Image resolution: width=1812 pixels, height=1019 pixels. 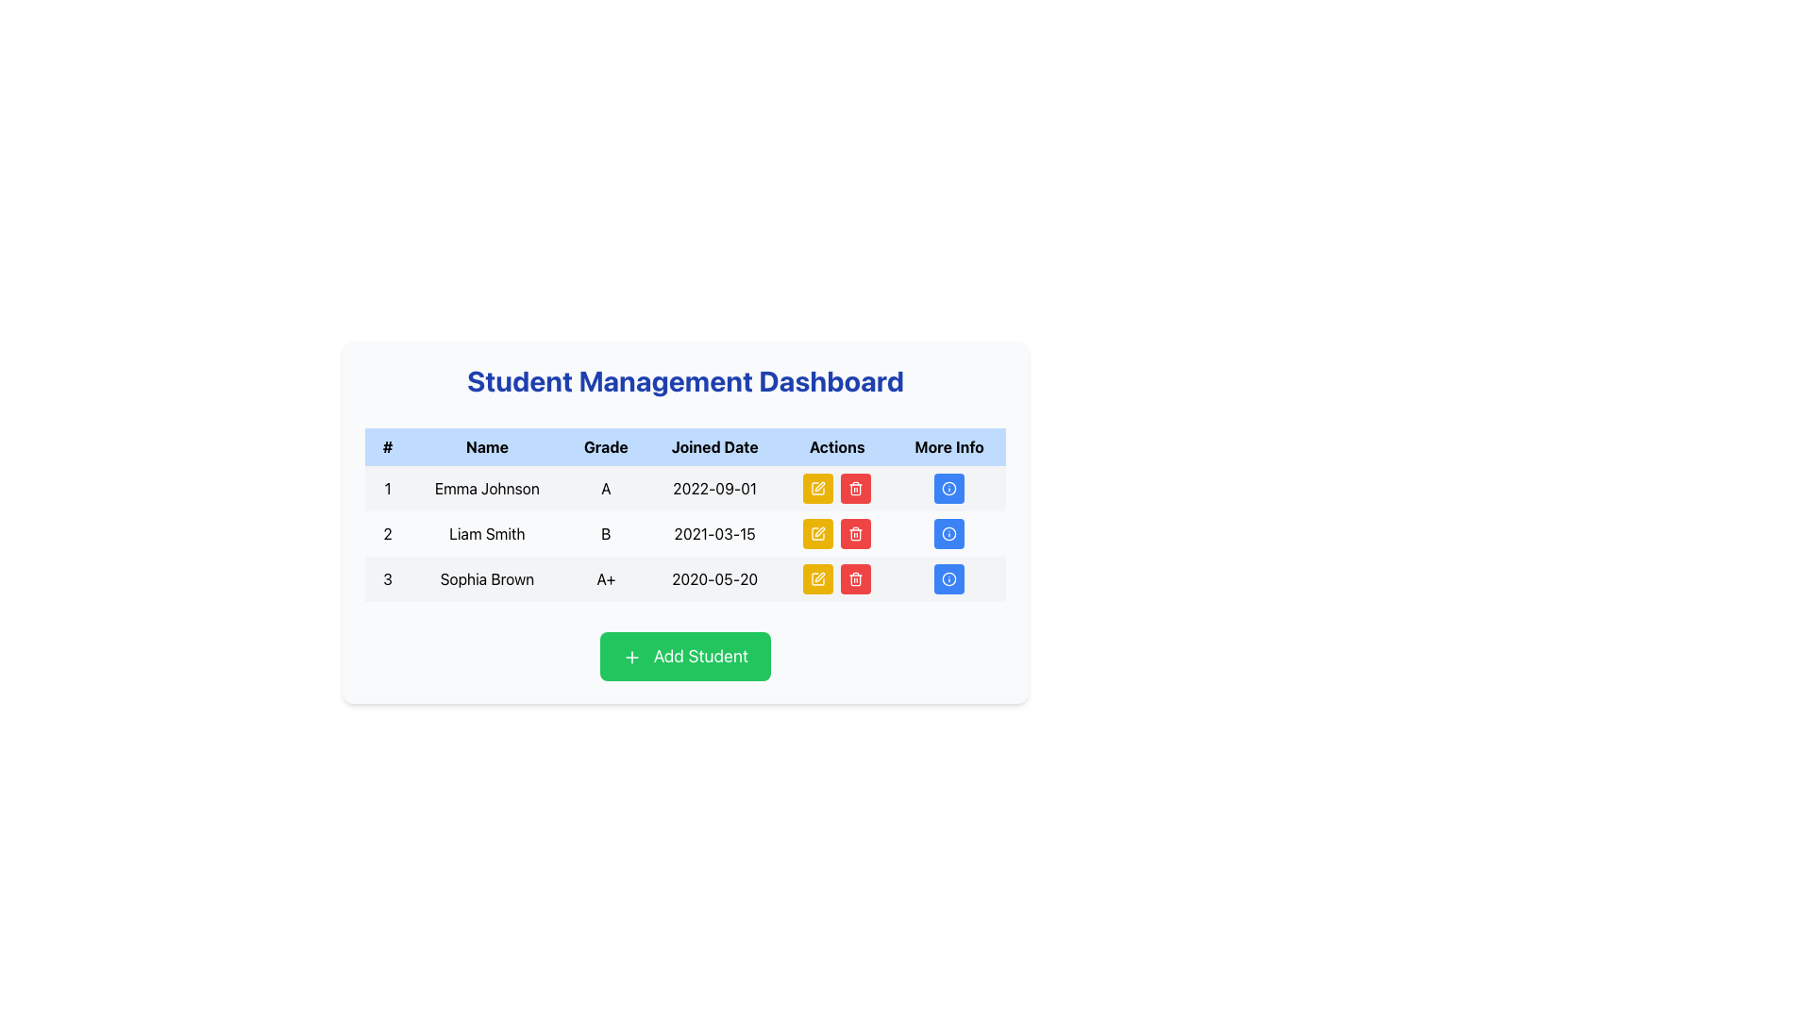 What do you see at coordinates (684, 447) in the screenshot?
I see `header text of the Table Header Row located at the top of the bordered table in the 'Student Management Dashboard' interface` at bounding box center [684, 447].